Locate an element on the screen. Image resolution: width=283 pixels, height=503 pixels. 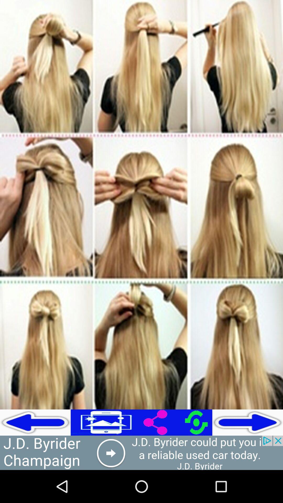
click advertisement is located at coordinates (141, 452).